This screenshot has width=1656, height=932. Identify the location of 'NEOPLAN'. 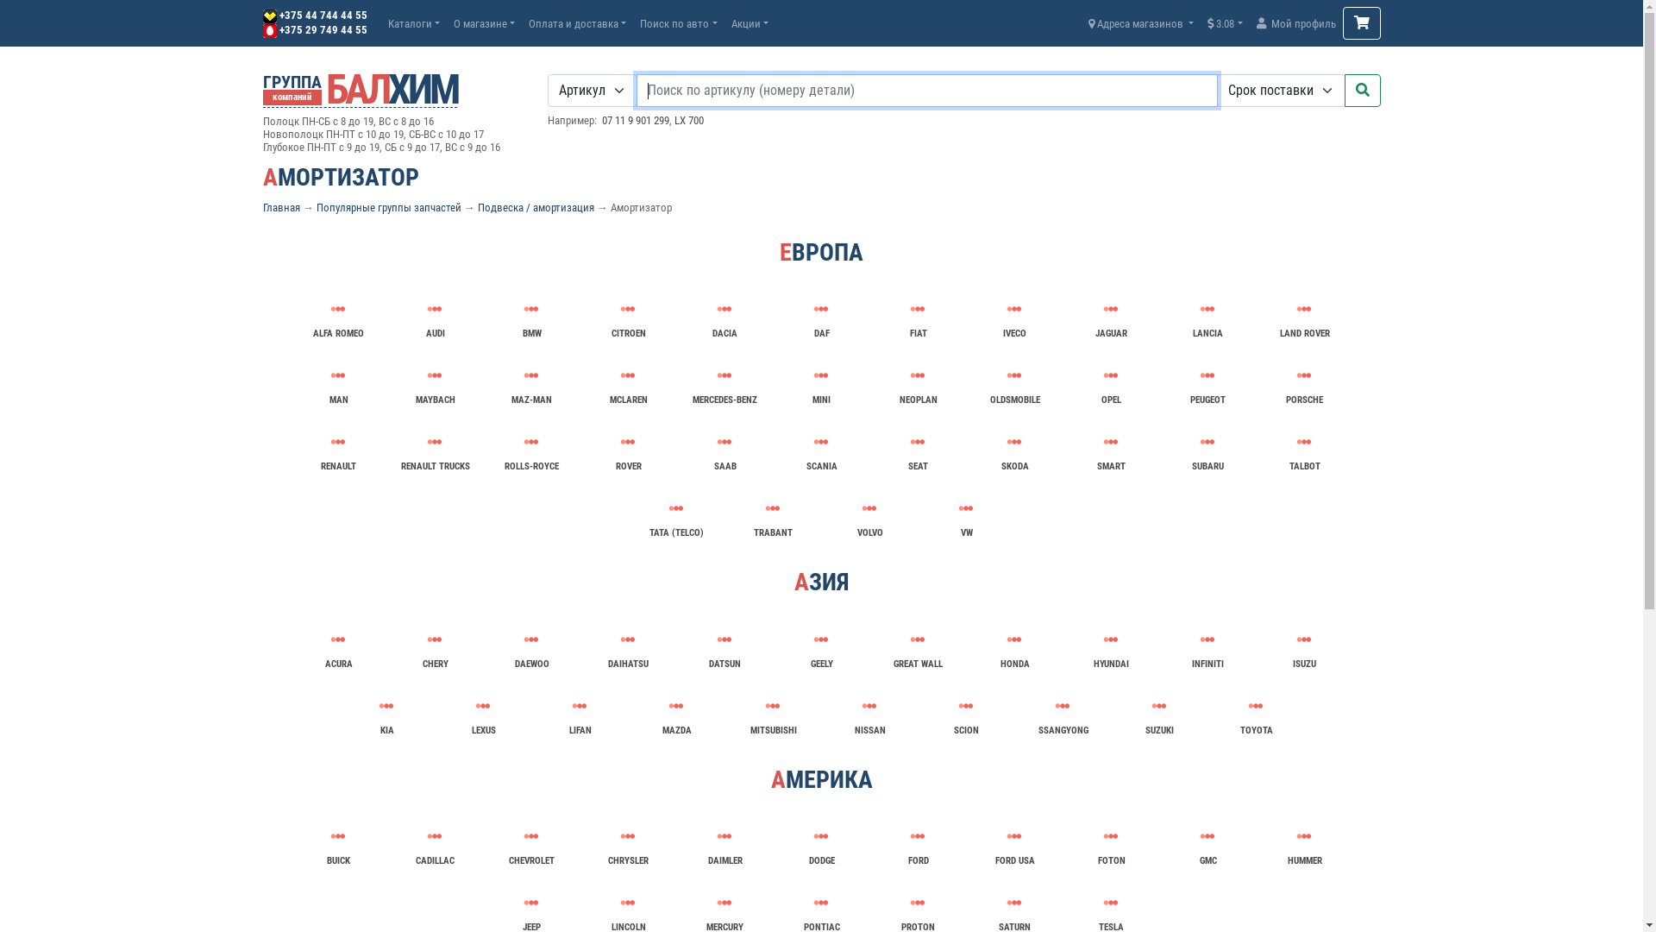
(917, 381).